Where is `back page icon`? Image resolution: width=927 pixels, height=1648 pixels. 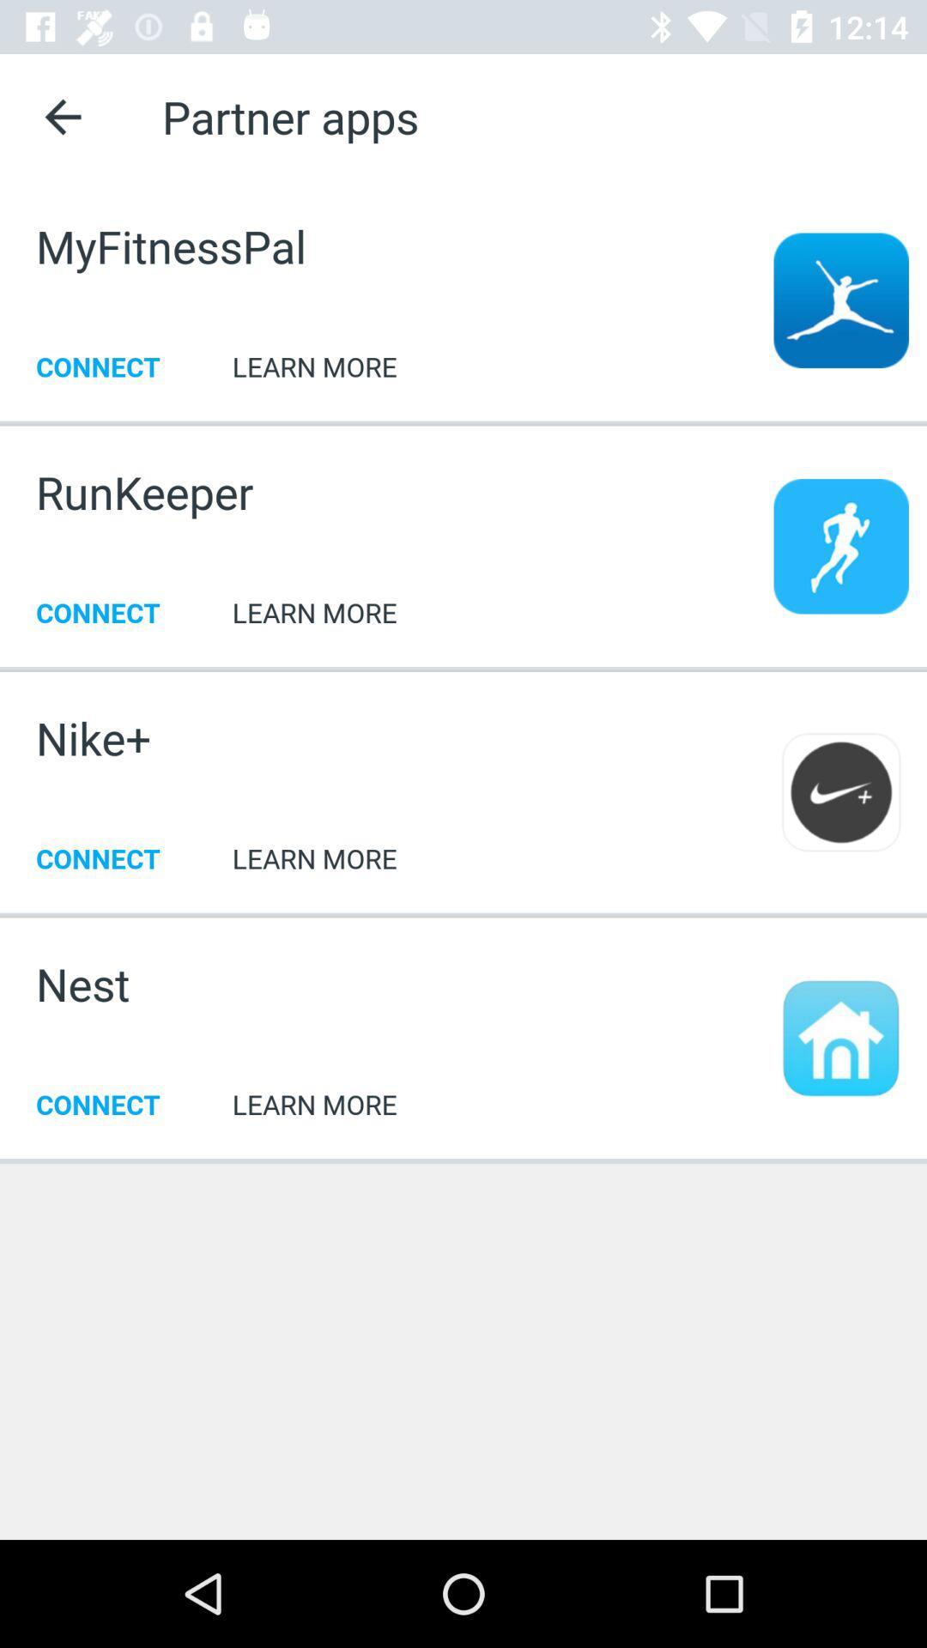 back page icon is located at coordinates (62, 116).